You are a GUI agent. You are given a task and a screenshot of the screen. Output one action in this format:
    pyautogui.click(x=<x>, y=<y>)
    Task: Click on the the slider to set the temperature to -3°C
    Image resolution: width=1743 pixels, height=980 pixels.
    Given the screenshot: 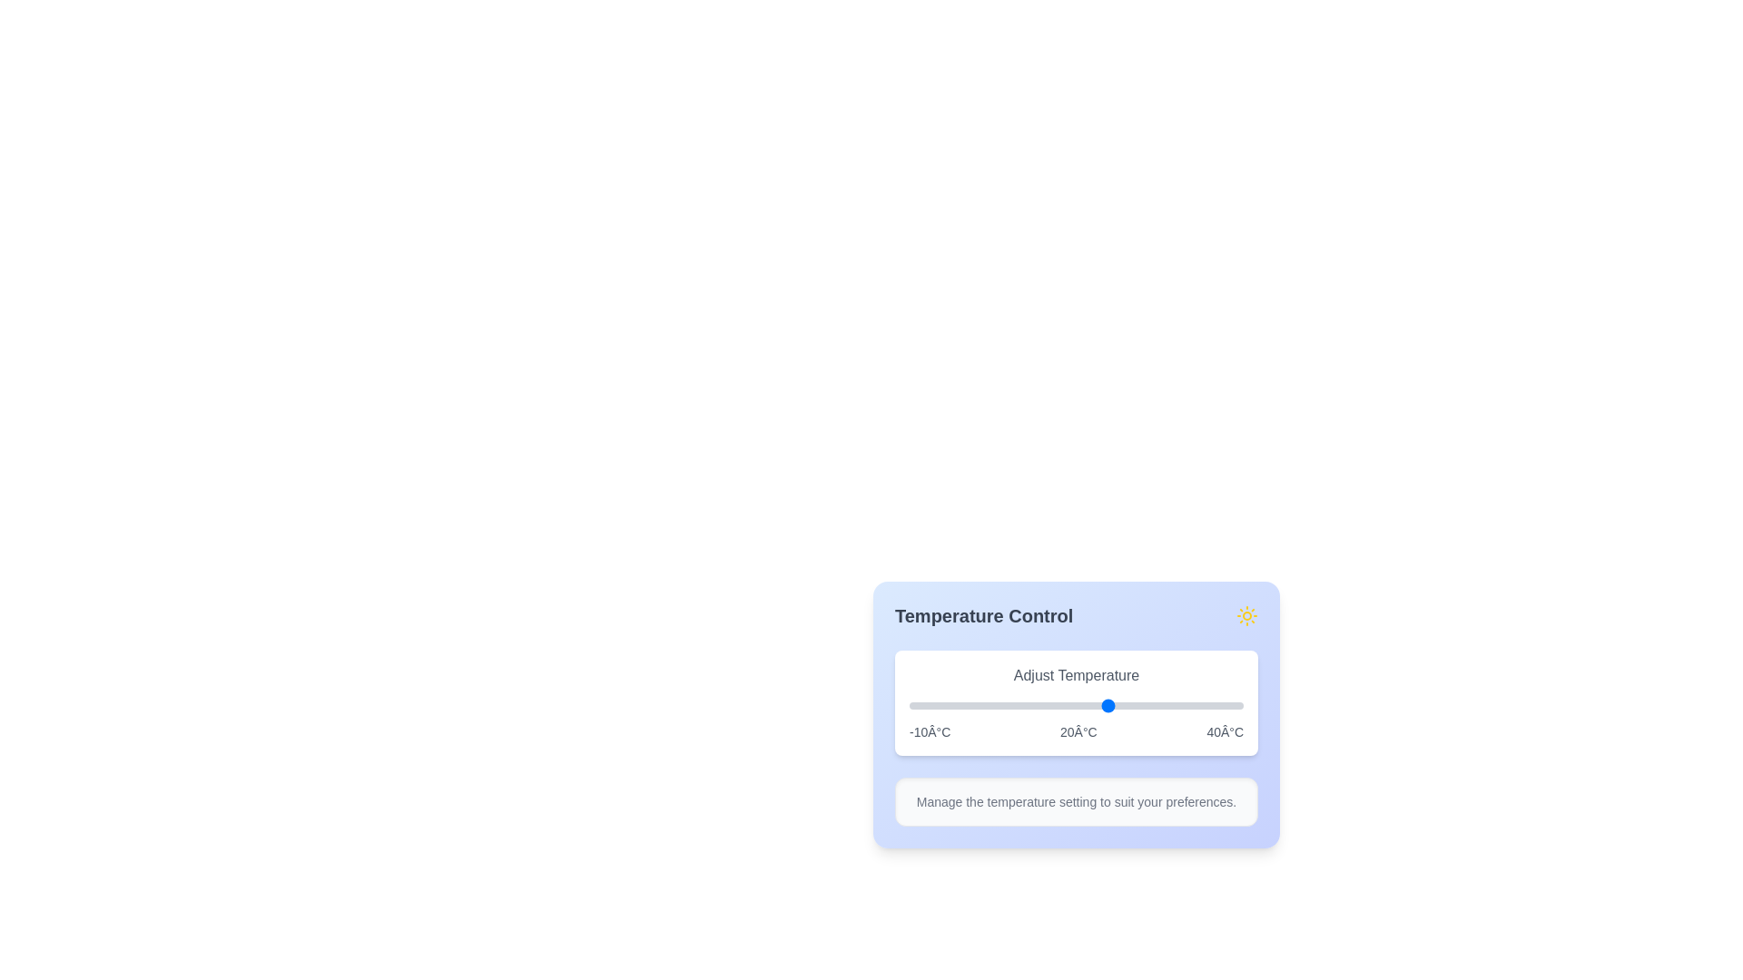 What is the action you would take?
    pyautogui.click(x=955, y=705)
    